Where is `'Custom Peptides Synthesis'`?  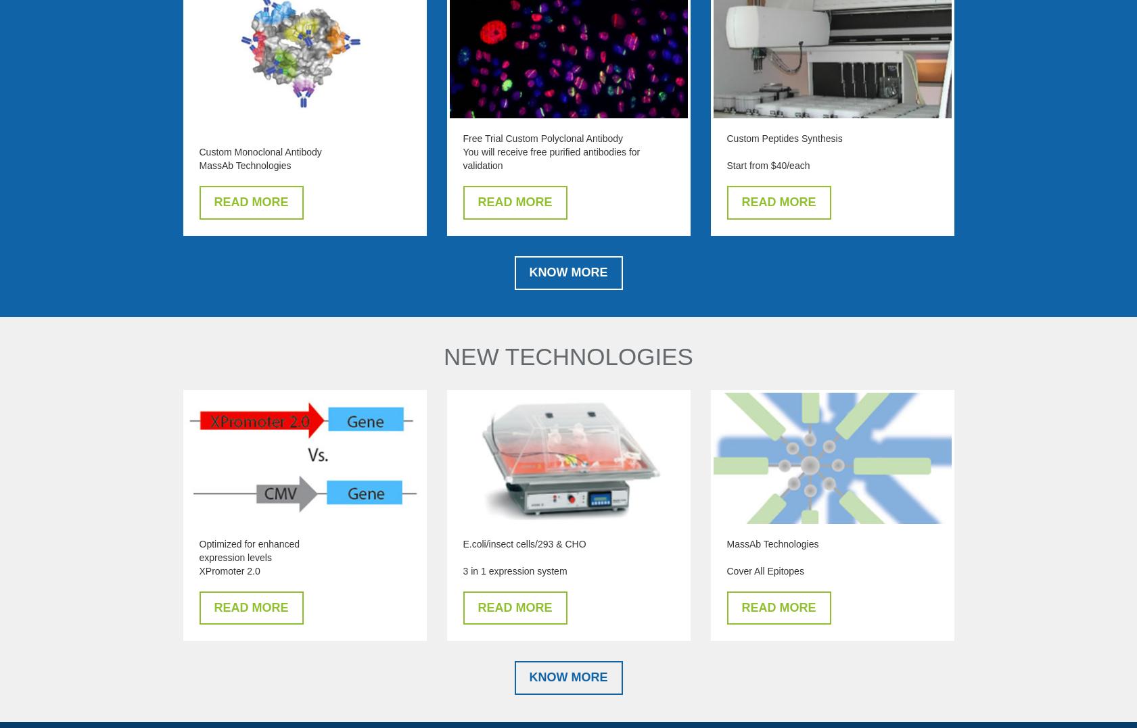 'Custom Peptides Synthesis' is located at coordinates (726, 137).